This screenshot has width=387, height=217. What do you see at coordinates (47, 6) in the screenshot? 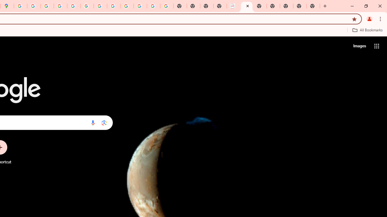
I see `'Privacy Help Center - Policies Help'` at bounding box center [47, 6].